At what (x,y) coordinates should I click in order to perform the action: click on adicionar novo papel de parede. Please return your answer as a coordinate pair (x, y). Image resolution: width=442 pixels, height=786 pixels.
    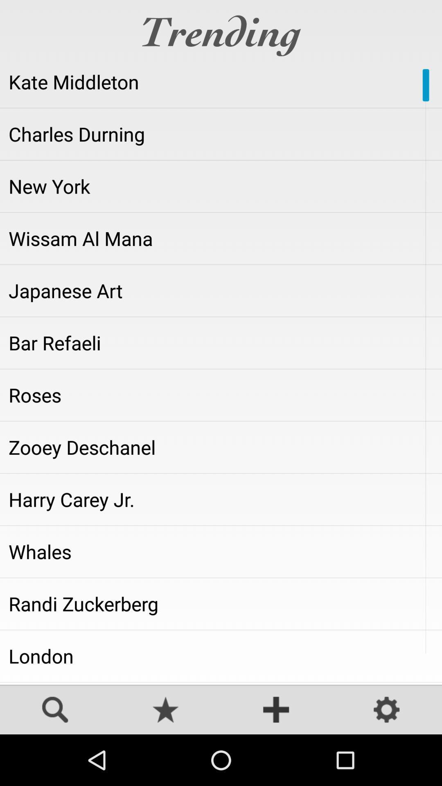
    Looking at the image, I should click on (276, 710).